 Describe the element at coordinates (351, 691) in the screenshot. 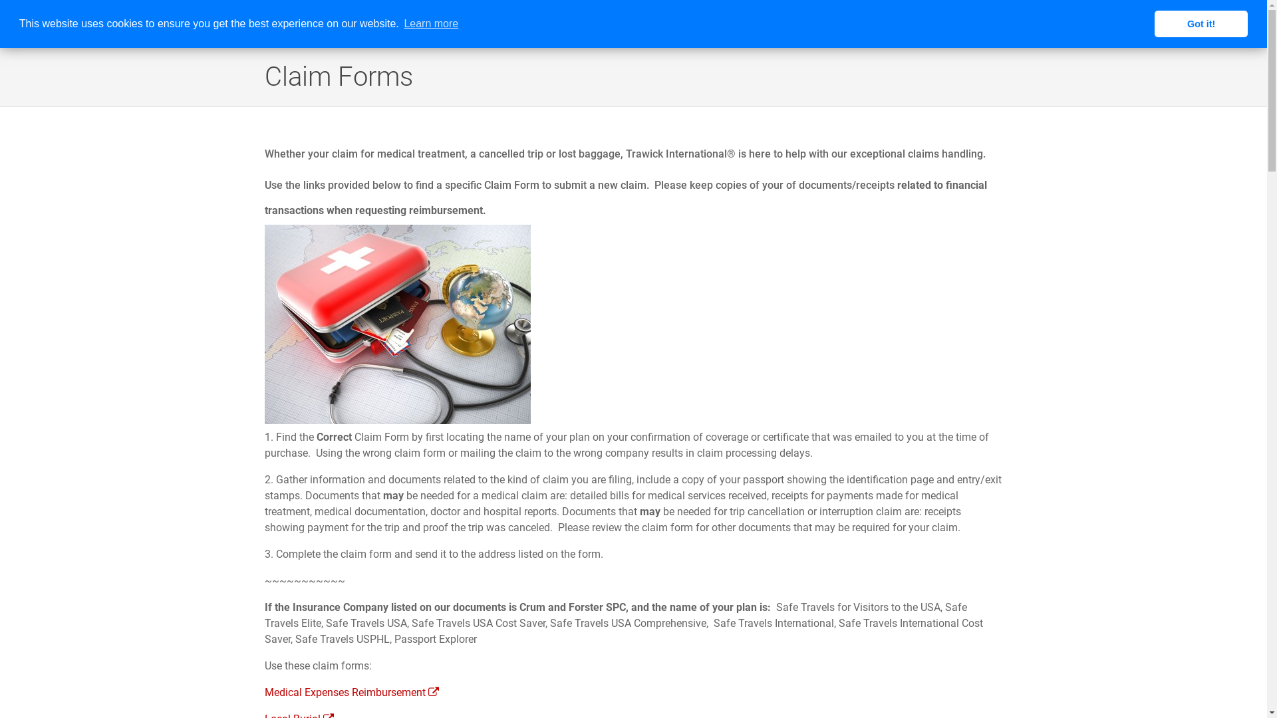

I see `'Medical Expenses Reimbursement '` at that location.